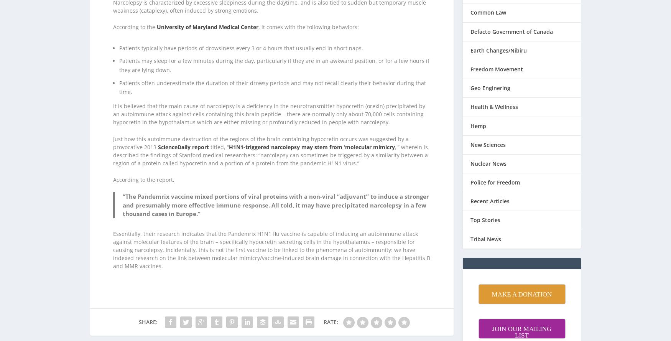 This screenshot has height=341, width=671. I want to click on 'According to the', so click(113, 17).